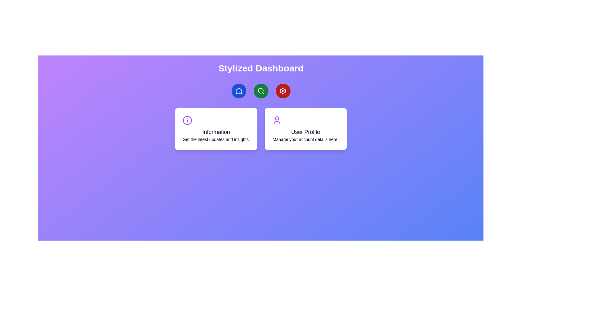 The width and height of the screenshot is (589, 331). I want to click on the purple circular outline SVG Circle Element located at the top-left corner of the 'Information' card icon, so click(187, 120).